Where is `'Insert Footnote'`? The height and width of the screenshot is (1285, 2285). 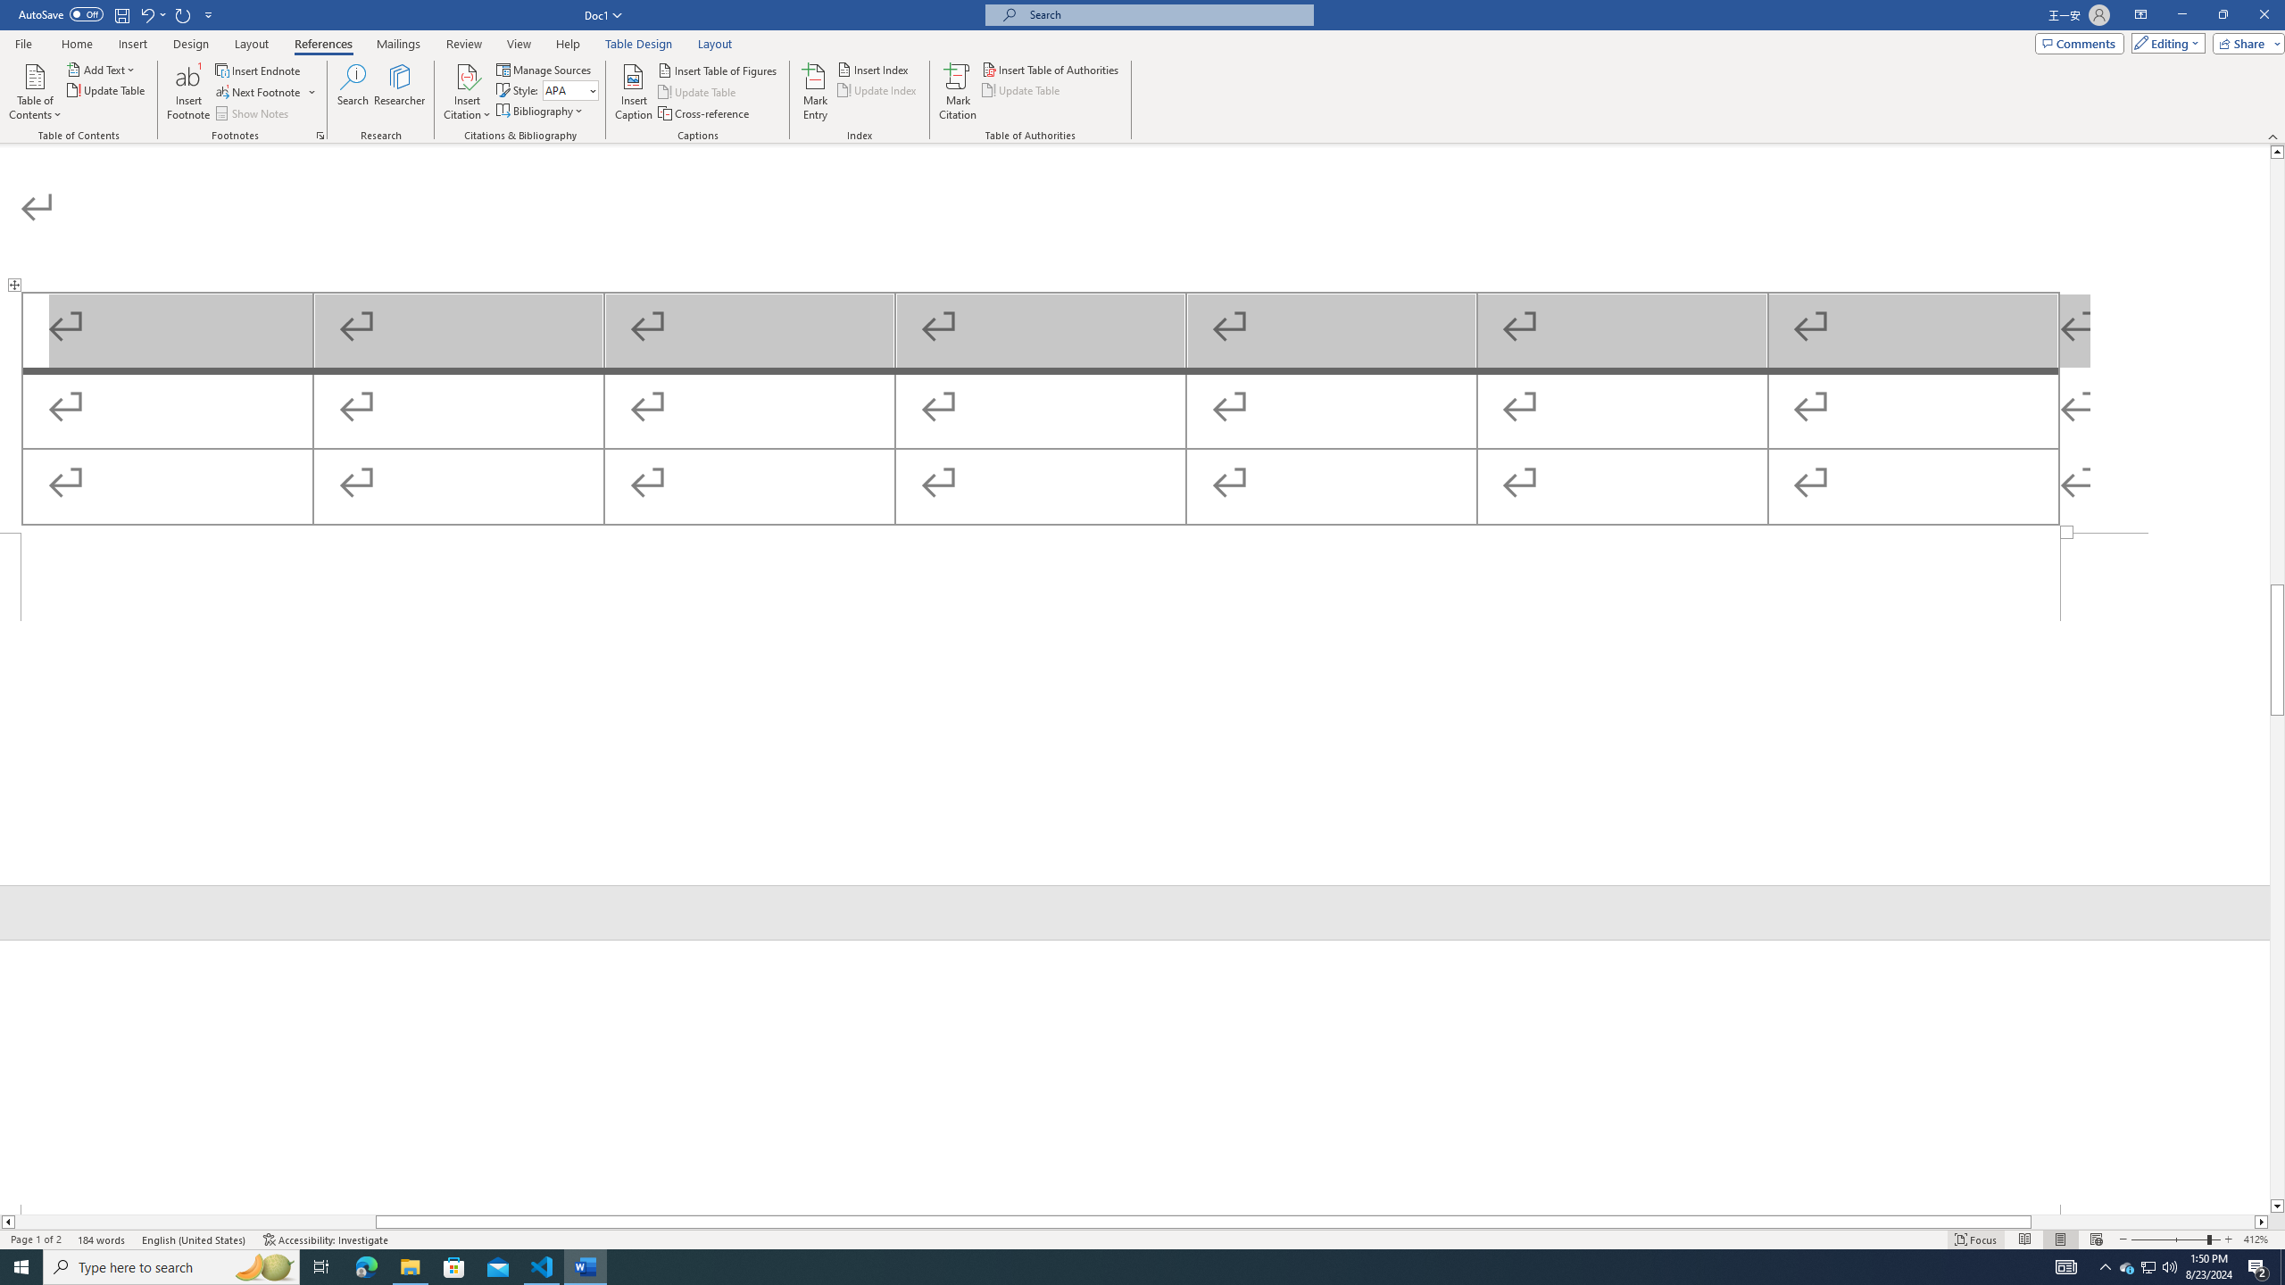
'Insert Footnote' is located at coordinates (188, 92).